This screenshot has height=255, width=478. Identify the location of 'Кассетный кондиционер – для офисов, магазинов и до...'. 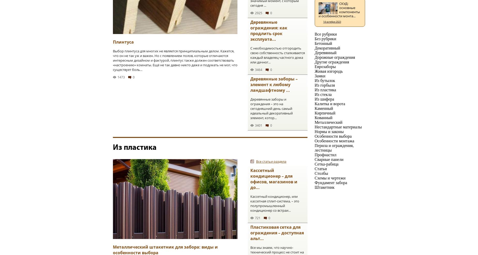
(274, 178).